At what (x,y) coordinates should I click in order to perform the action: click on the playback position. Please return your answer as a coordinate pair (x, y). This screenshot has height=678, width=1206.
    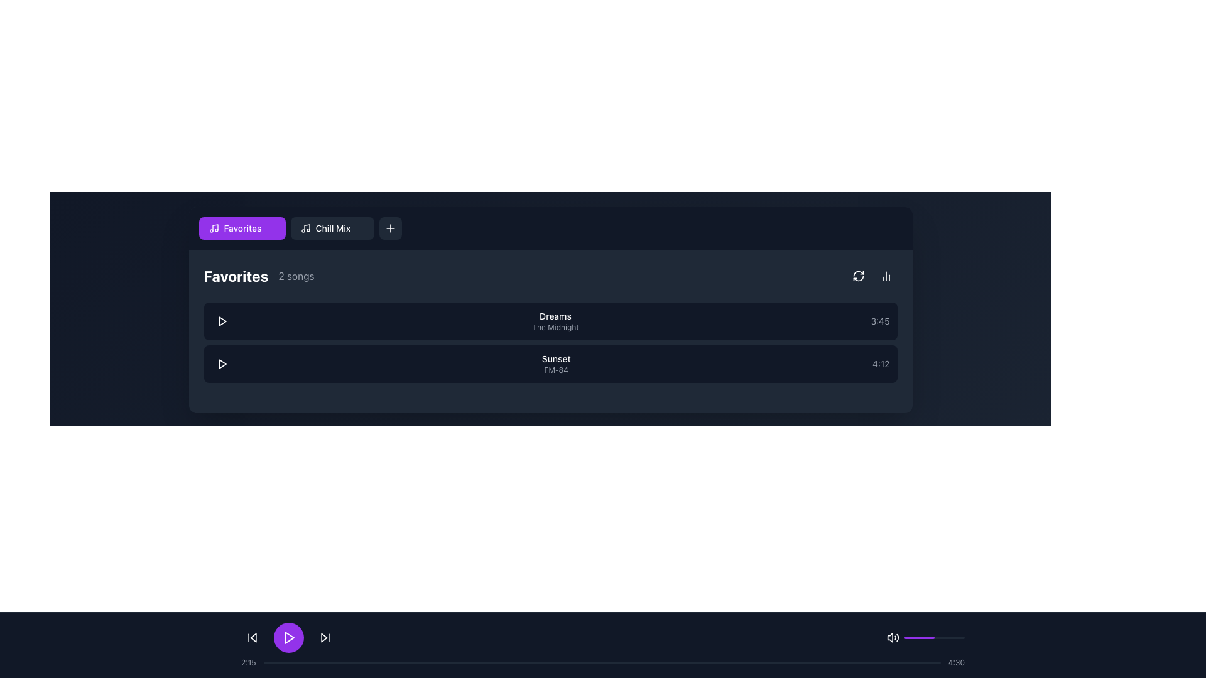
    Looking at the image, I should click on (469, 662).